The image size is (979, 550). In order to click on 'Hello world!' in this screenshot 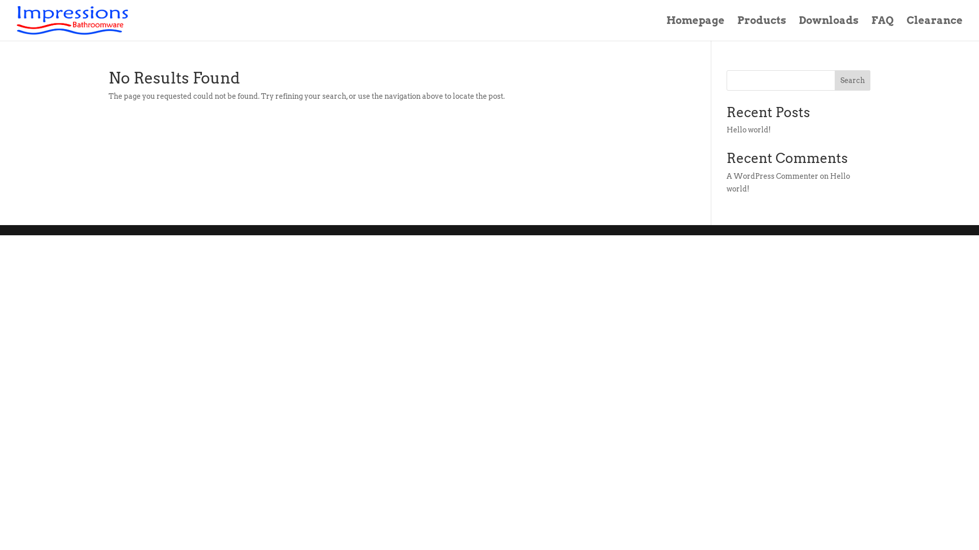, I will do `click(749, 129)`.